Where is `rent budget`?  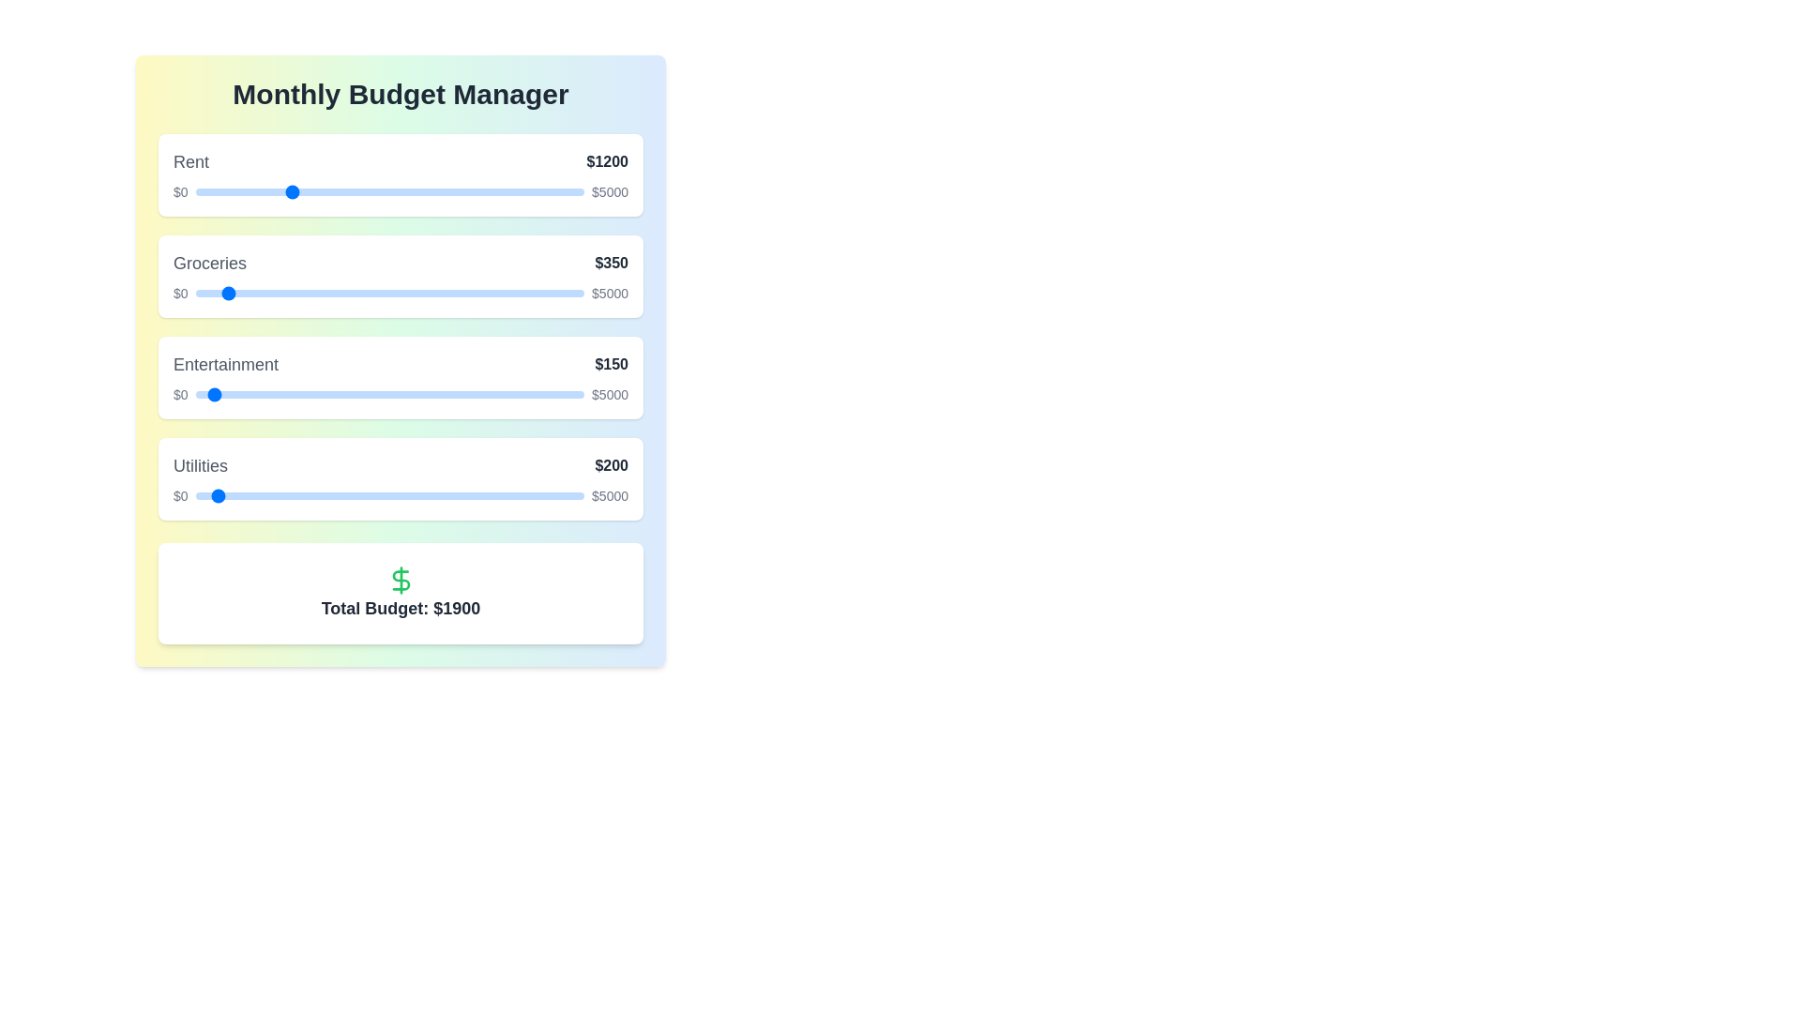 rent budget is located at coordinates (350, 191).